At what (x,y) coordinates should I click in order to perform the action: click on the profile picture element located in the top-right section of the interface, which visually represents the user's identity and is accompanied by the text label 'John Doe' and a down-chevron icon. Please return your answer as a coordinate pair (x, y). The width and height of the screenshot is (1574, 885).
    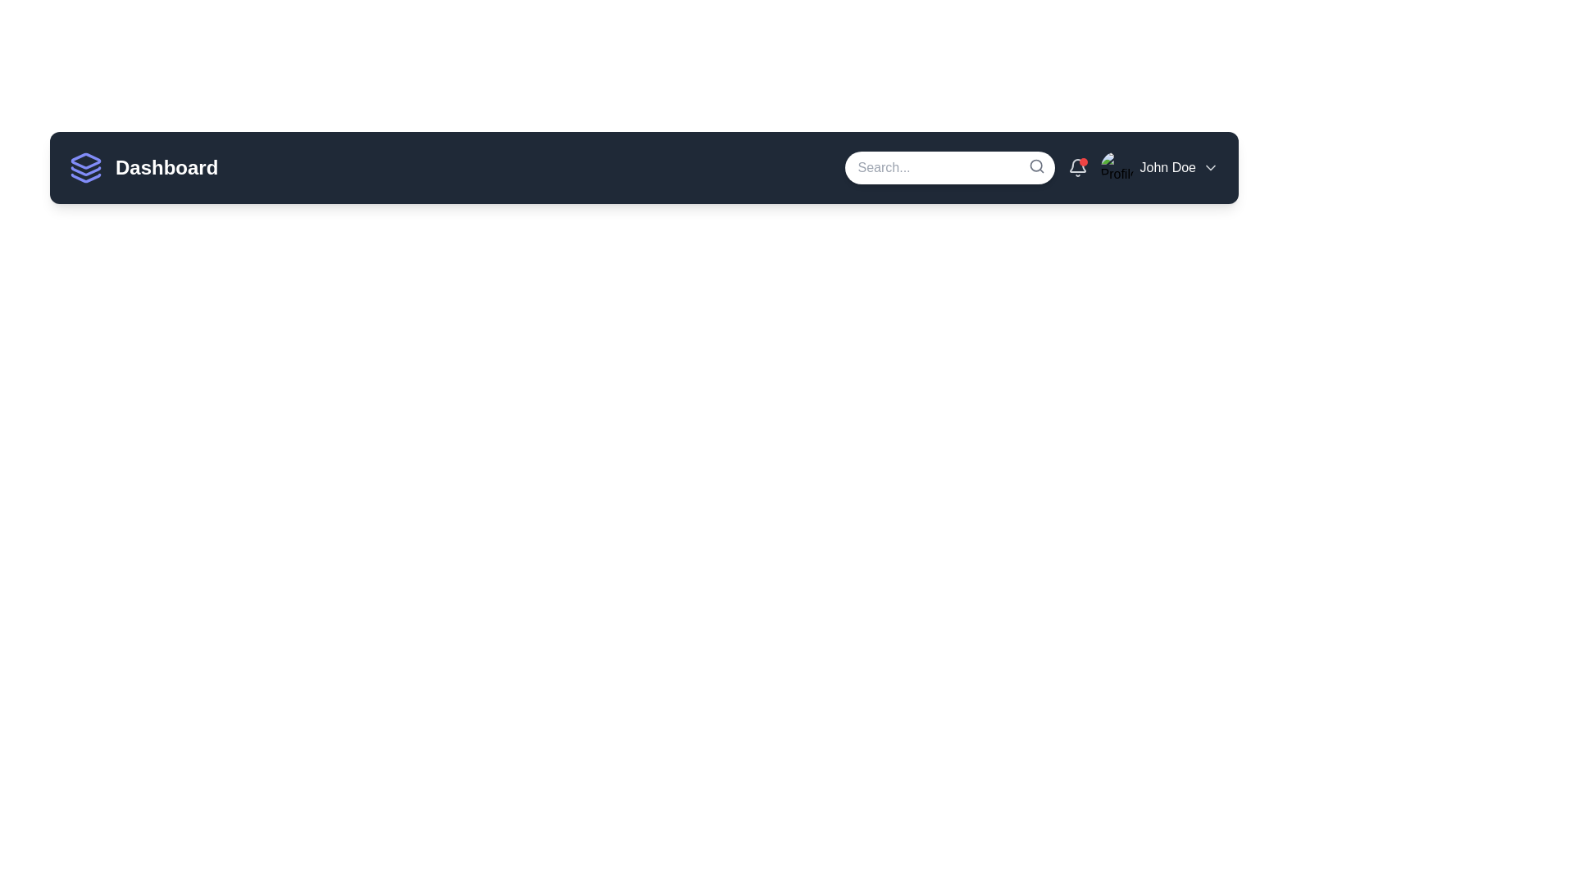
    Looking at the image, I should click on (1116, 167).